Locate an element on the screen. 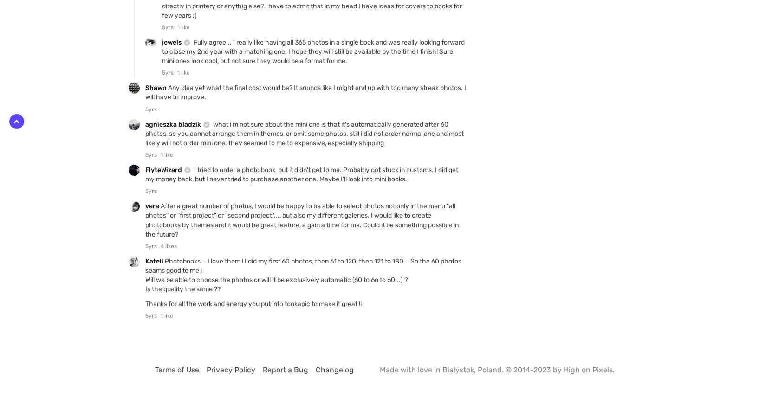 The image size is (766, 397). 'Shawn' is located at coordinates (156, 87).